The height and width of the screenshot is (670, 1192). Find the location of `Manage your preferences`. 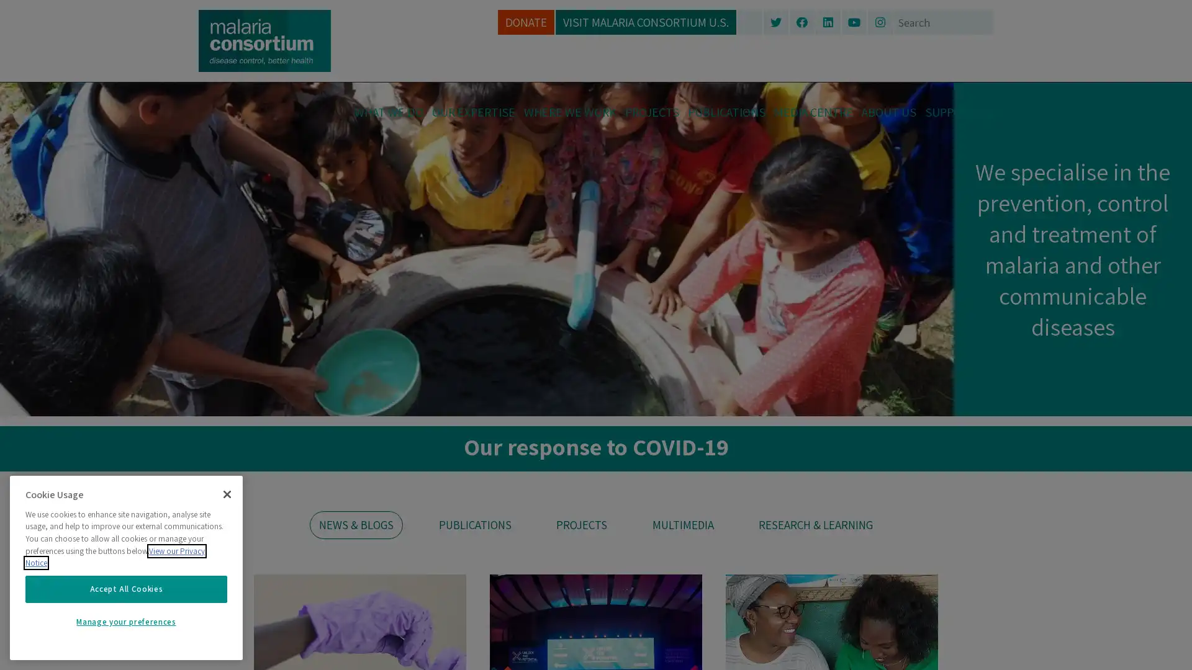

Manage your preferences is located at coordinates (126, 622).